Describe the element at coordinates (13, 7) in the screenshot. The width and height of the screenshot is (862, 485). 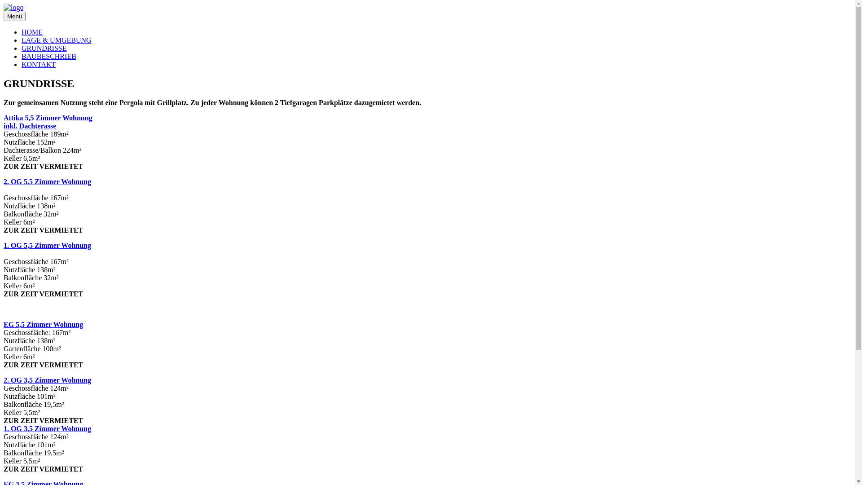
I see `'logo'` at that location.